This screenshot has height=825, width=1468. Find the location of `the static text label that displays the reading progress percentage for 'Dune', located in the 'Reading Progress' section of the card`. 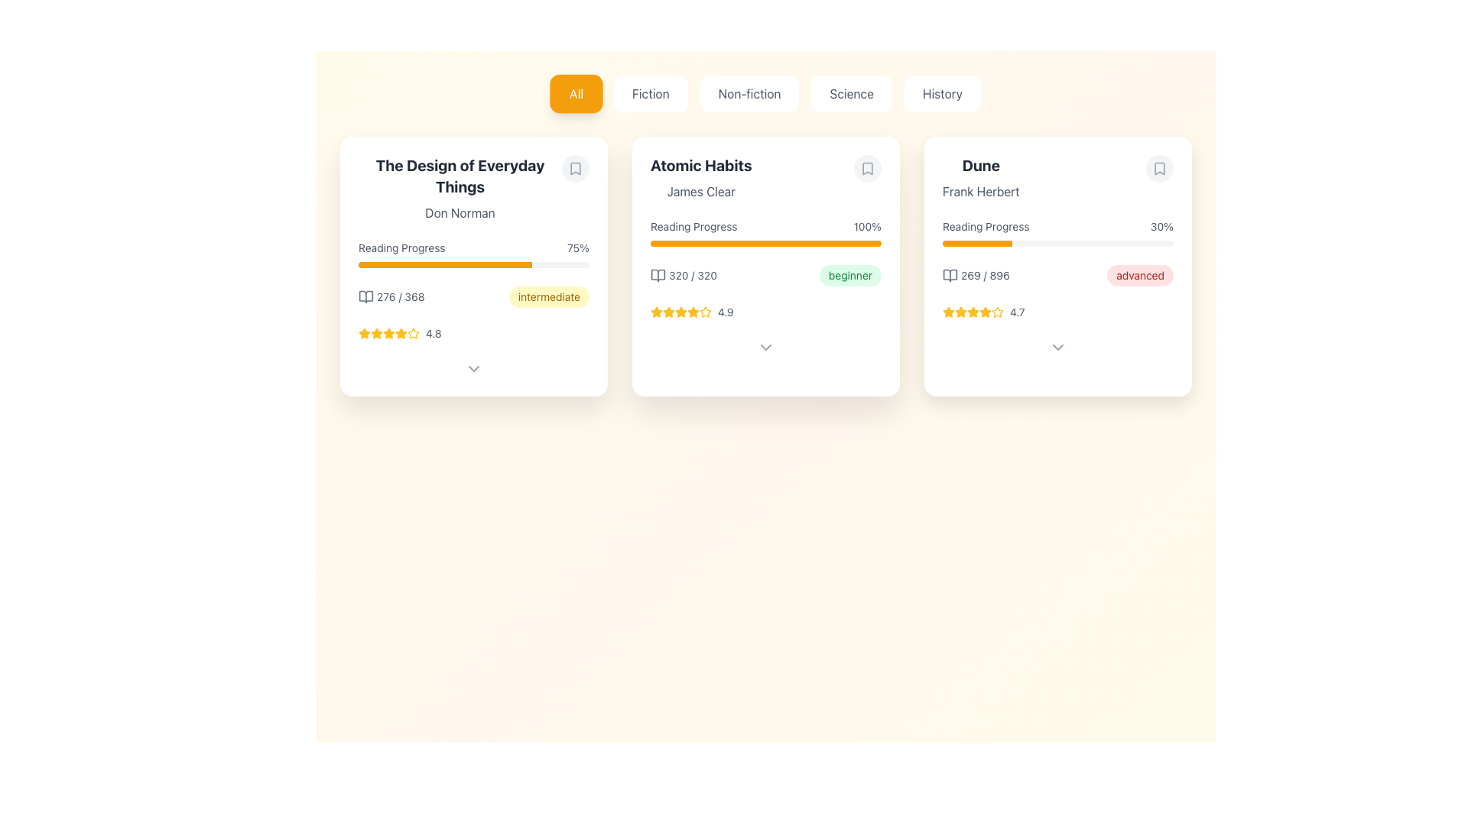

the static text label that displays the reading progress percentage for 'Dune', located in the 'Reading Progress' section of the card is located at coordinates (1161, 227).